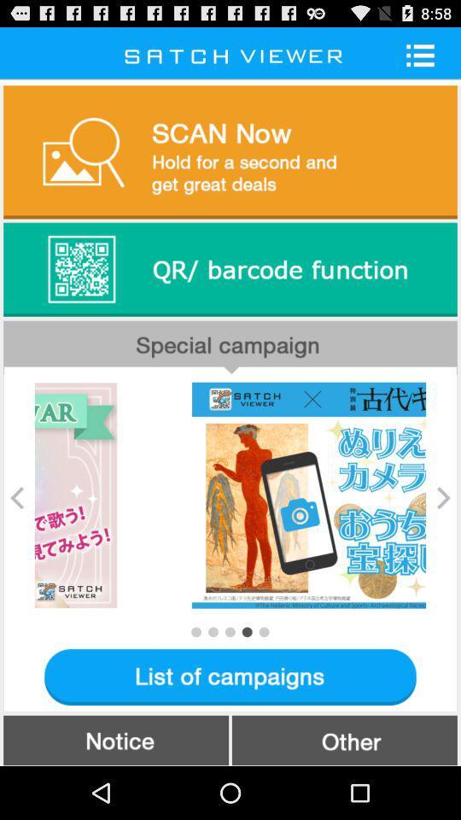 Image resolution: width=461 pixels, height=820 pixels. Describe the element at coordinates (230, 150) in the screenshot. I see `scan now` at that location.